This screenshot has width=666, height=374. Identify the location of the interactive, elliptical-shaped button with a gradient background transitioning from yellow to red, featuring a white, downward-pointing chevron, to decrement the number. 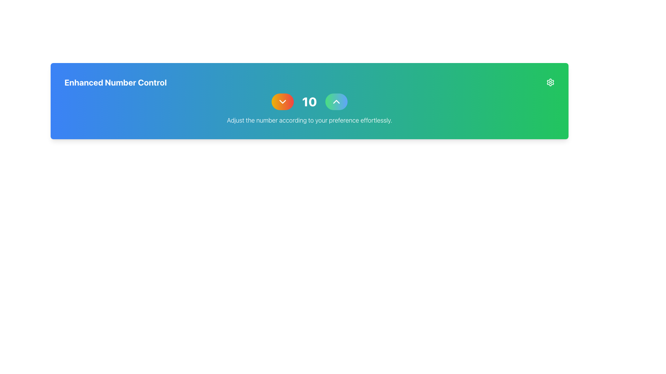
(283, 101).